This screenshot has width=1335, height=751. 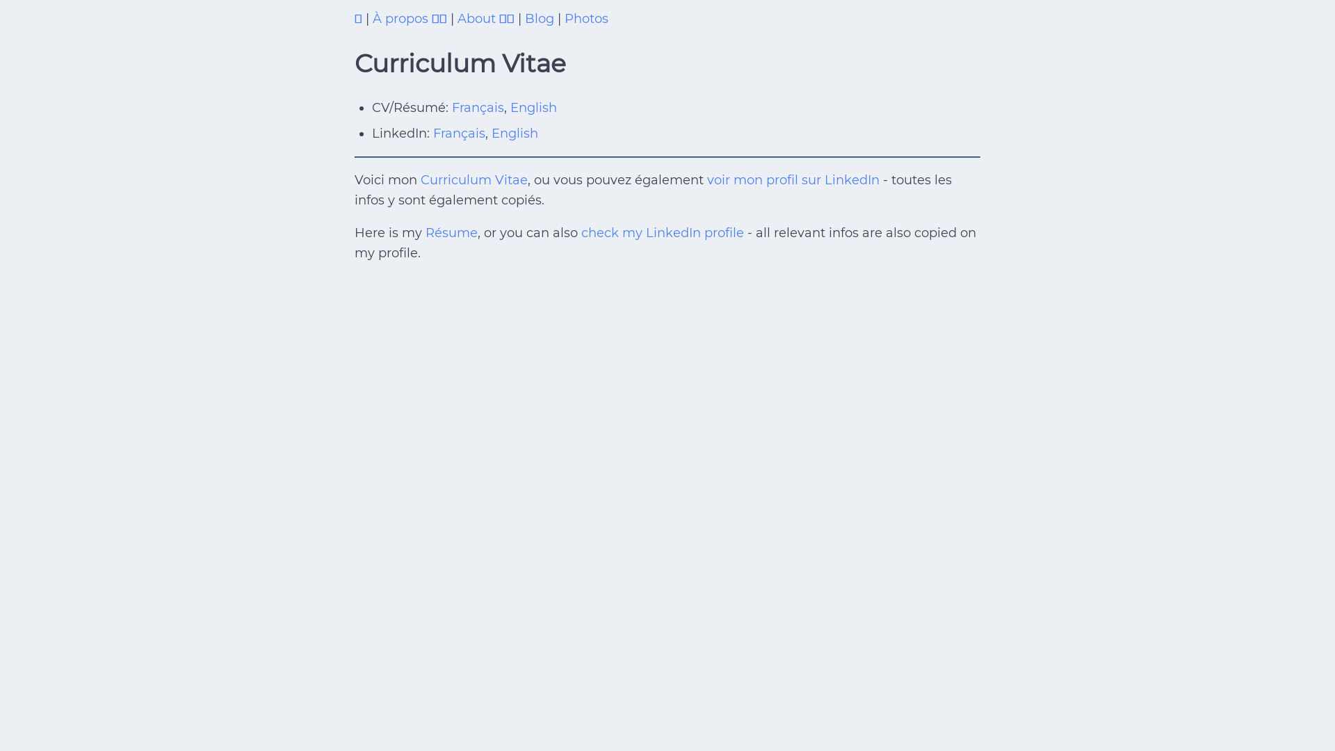 I want to click on 'Curriculum Vitae', so click(x=474, y=179).